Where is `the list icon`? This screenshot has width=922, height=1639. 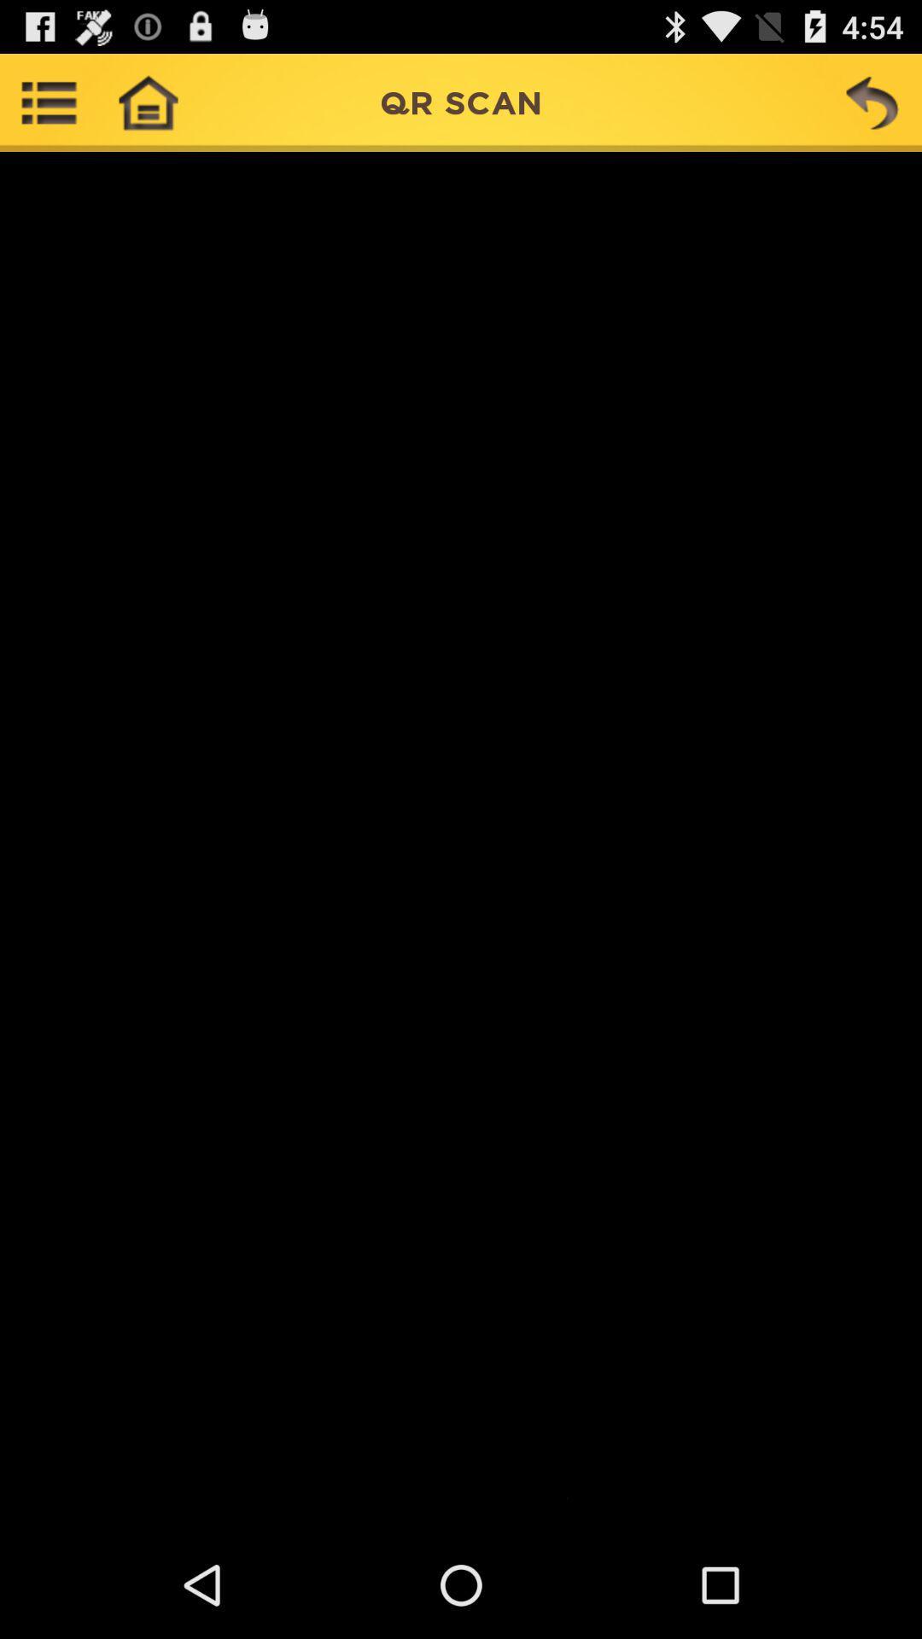 the list icon is located at coordinates (48, 109).